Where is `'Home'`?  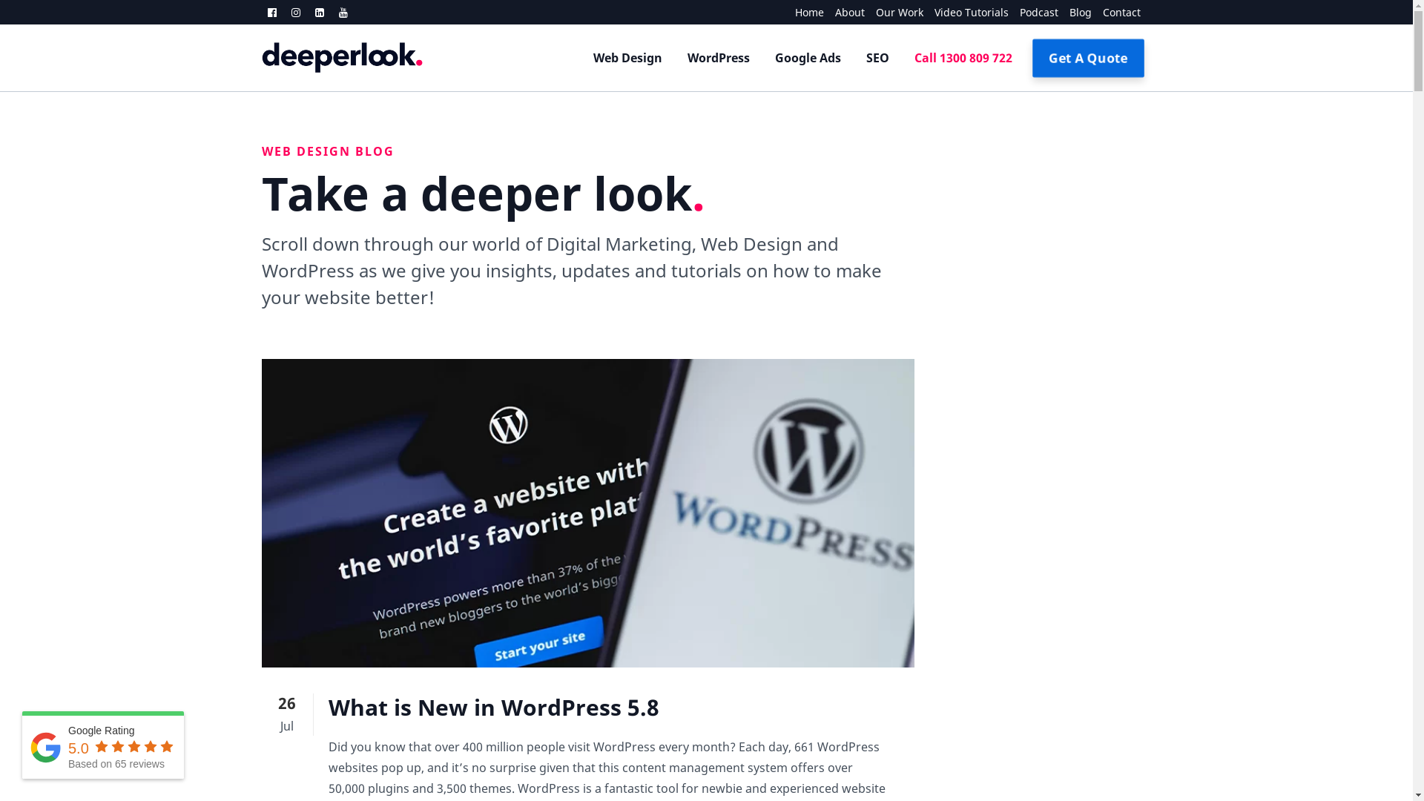 'Home' is located at coordinates (802, 12).